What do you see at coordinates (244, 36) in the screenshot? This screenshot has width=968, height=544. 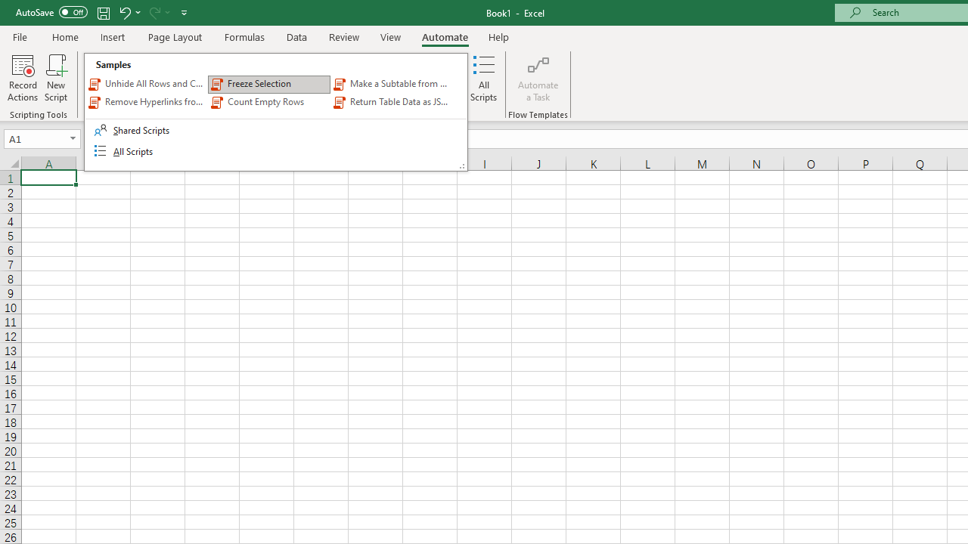 I see `'Formulas'` at bounding box center [244, 36].